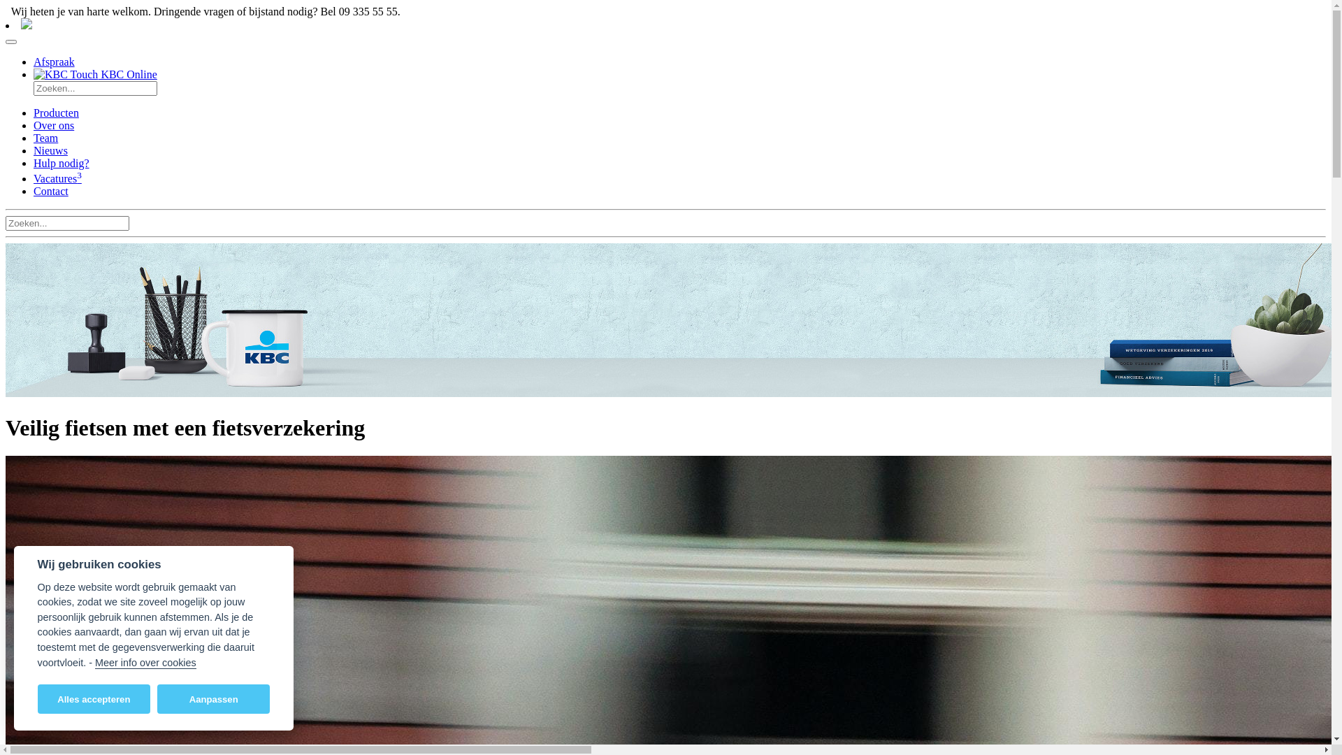  Describe the element at coordinates (54, 61) in the screenshot. I see `'Afspraak'` at that location.